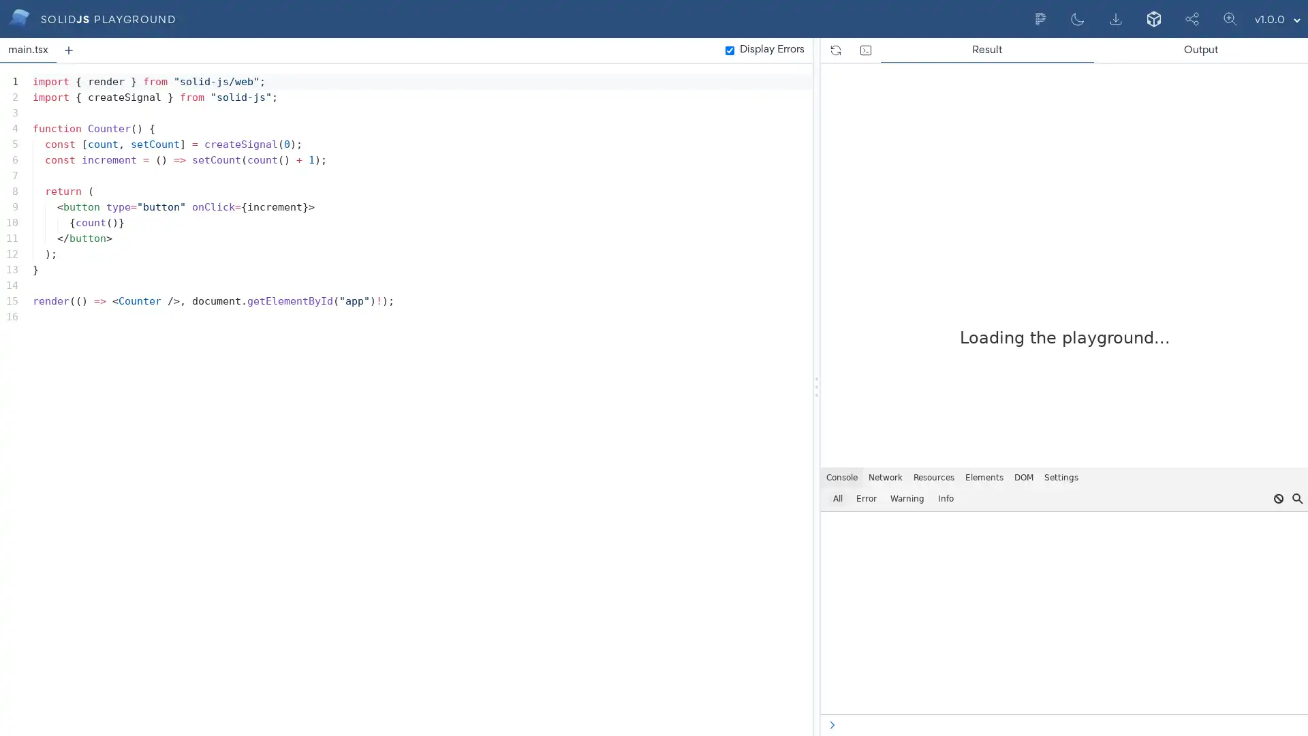 The image size is (1308, 736). Describe the element at coordinates (1230, 18) in the screenshot. I see `Scale Editor` at that location.